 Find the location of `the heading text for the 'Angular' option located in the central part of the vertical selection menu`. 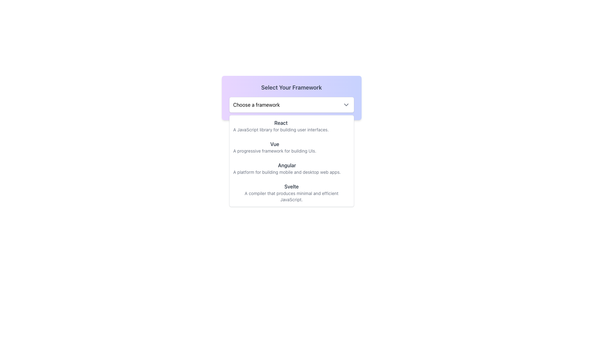

the heading text for the 'Angular' option located in the central part of the vertical selection menu is located at coordinates (286, 165).